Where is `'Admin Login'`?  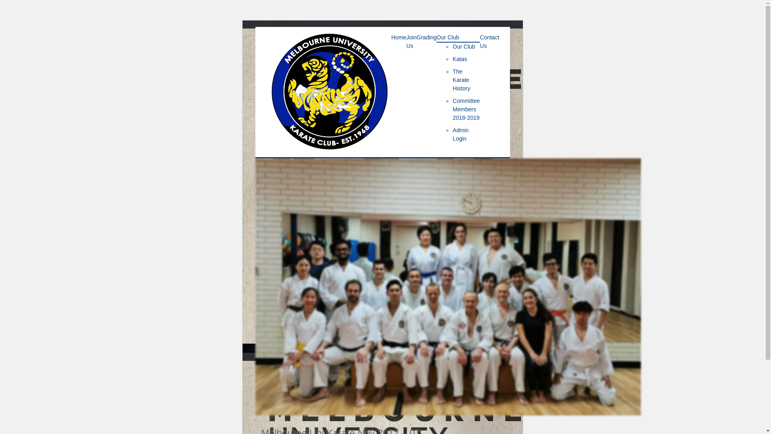 'Admin Login' is located at coordinates (461, 134).